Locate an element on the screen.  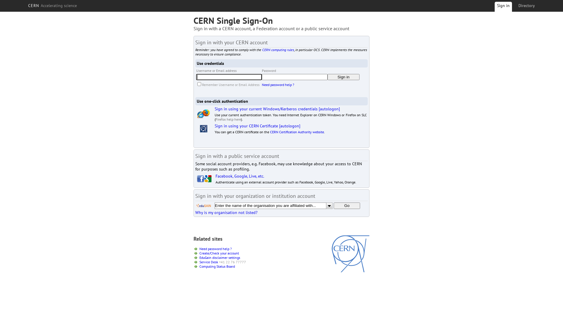
'Go' is located at coordinates (347, 205).